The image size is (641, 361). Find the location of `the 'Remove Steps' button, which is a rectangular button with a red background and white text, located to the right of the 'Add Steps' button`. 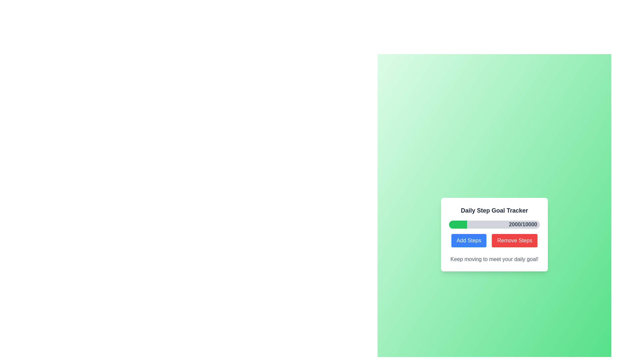

the 'Remove Steps' button, which is a rectangular button with a red background and white text, located to the right of the 'Add Steps' button is located at coordinates (514, 241).